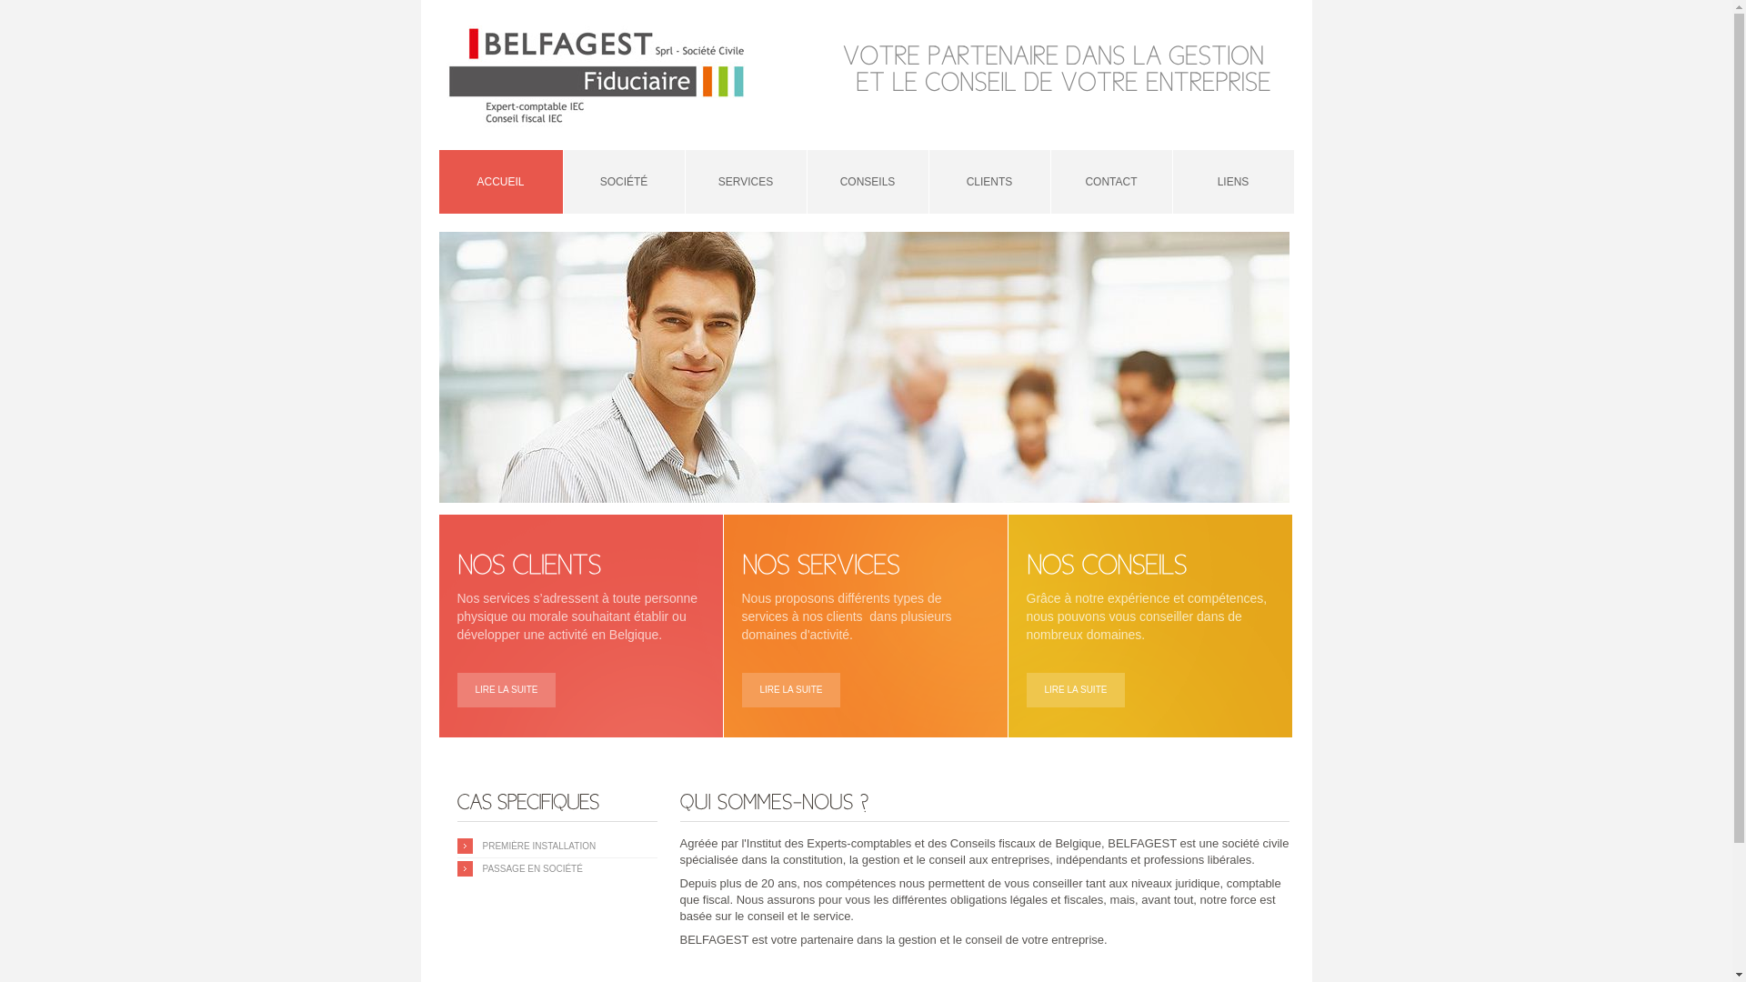  I want to click on 'CONSEILS', so click(867, 182).